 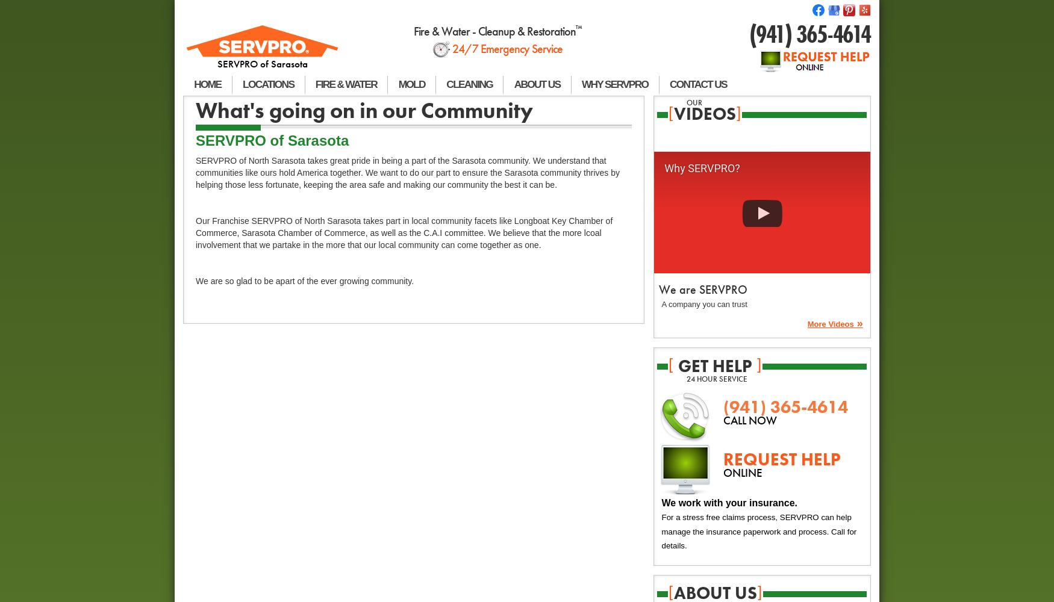 I want to click on 'CALL NOW', so click(x=722, y=420).